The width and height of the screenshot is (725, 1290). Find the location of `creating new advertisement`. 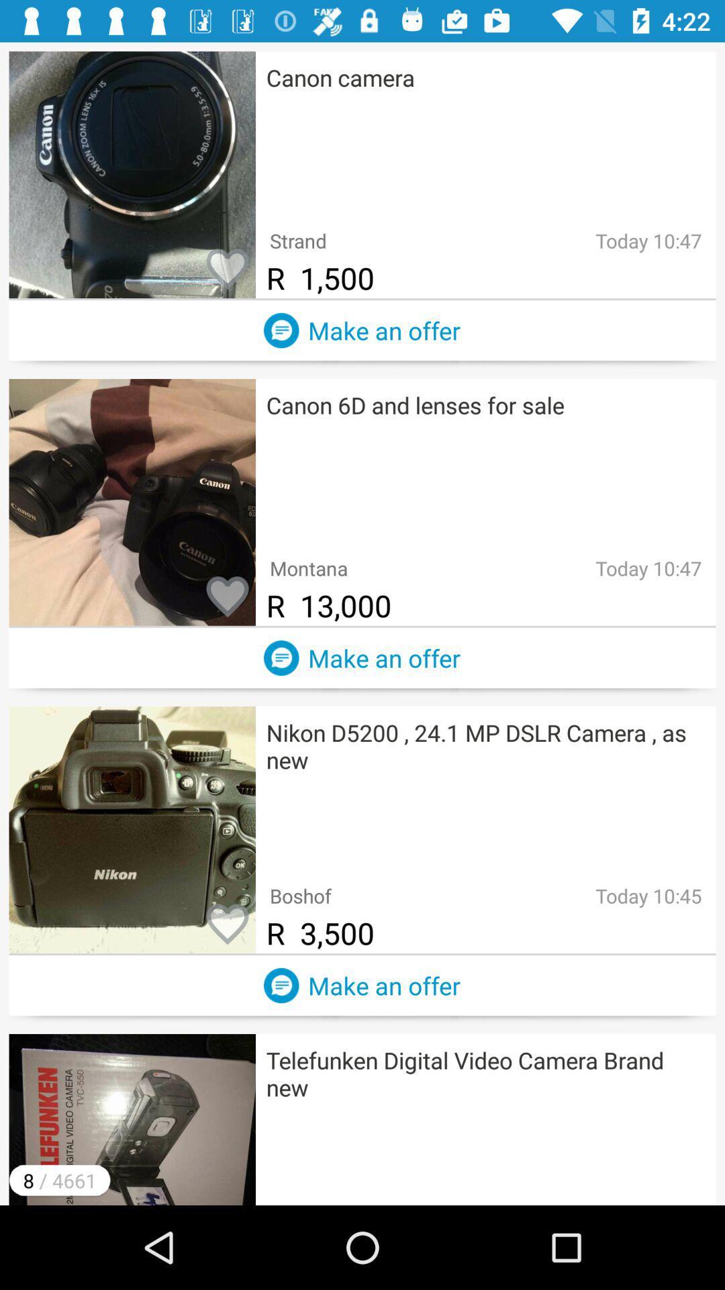

creating new advertisement is located at coordinates (281, 658).